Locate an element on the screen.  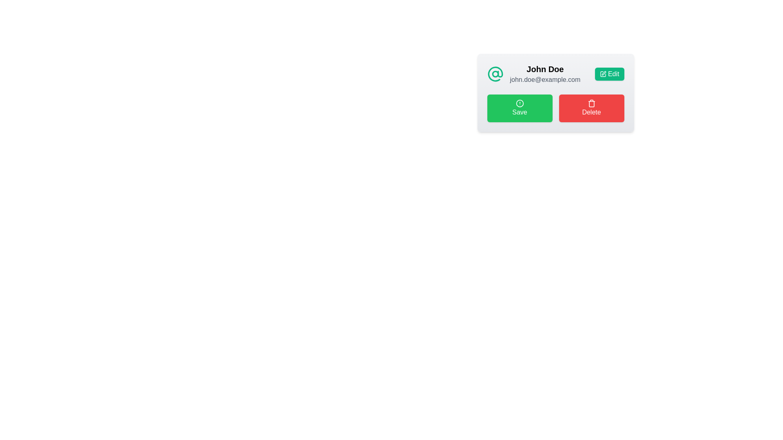
the non-interactive text label displaying the email address associated with user 'John Doe', located below the 'John Doe' text is located at coordinates (545, 80).